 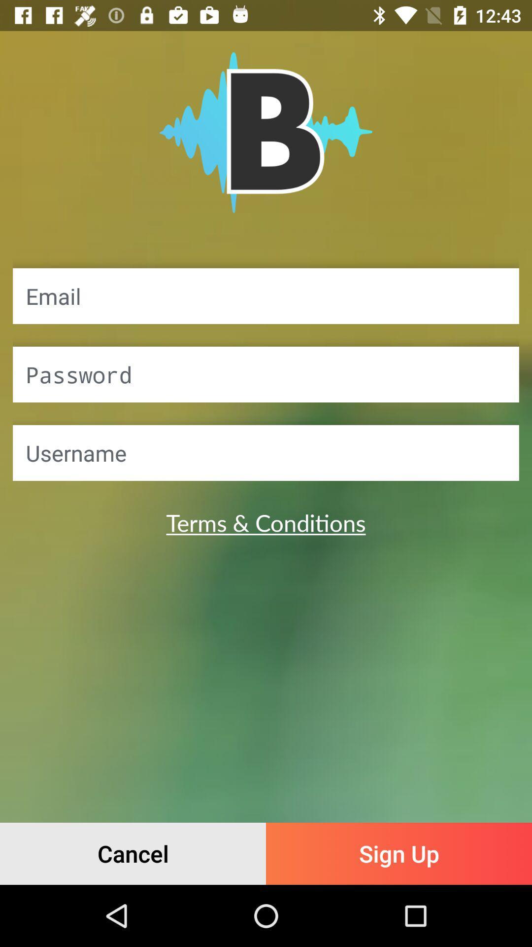 I want to click on cancel, so click(x=133, y=853).